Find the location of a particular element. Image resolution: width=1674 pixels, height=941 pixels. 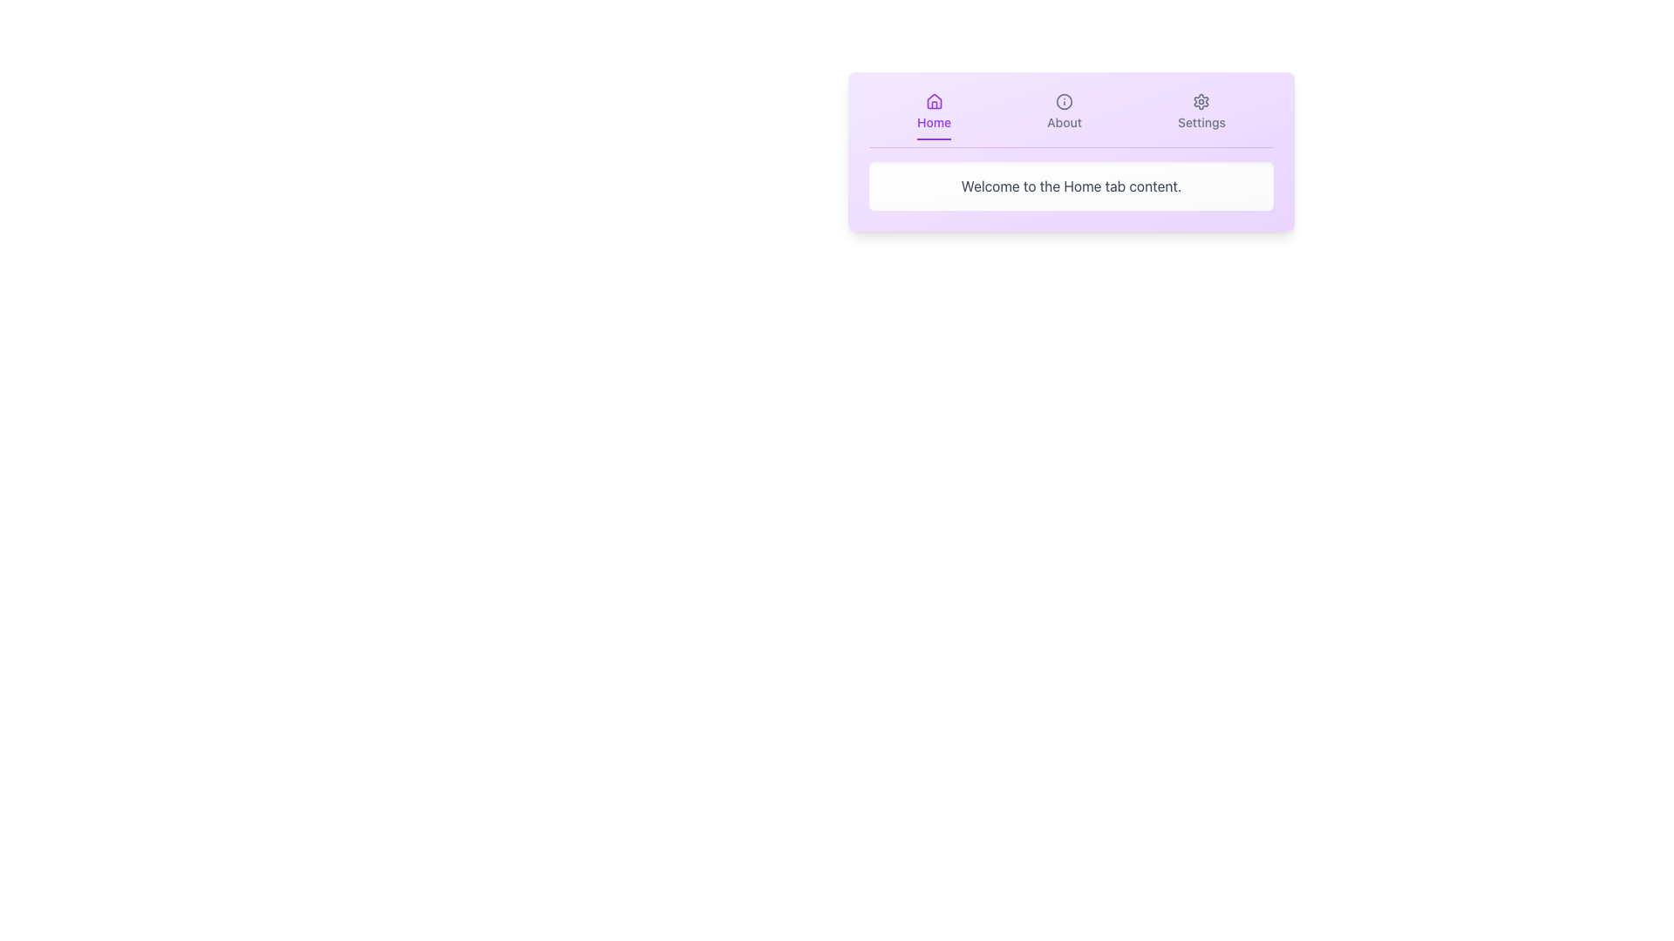

the 'Home' icon in the navigation menu is located at coordinates (933, 101).